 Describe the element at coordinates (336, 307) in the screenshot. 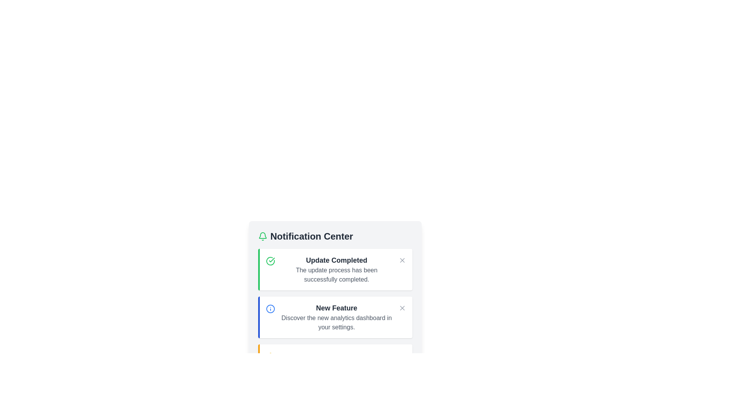

I see `the Text Label that serves as the title for the notification about a new feature, positioned at the top of the notification card following the header 'Update Completed'` at that location.